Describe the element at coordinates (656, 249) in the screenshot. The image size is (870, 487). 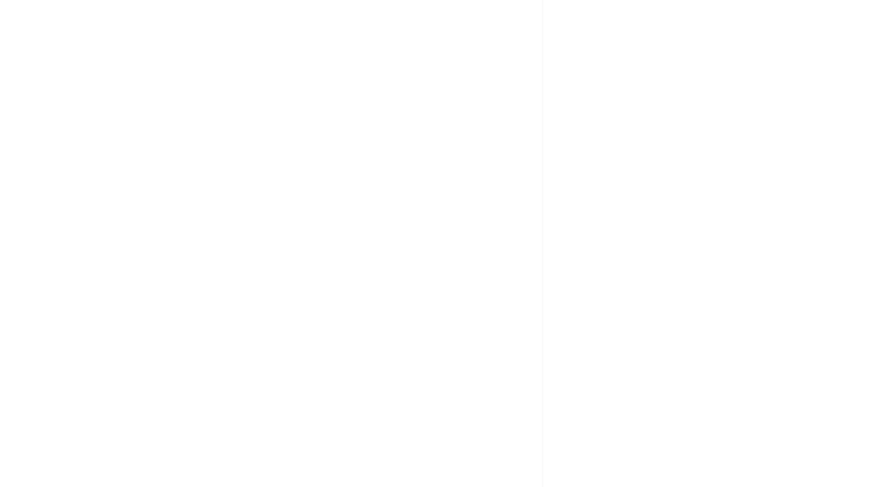
I see `'Web.Com (India) Pvt. Ltd.'` at that location.